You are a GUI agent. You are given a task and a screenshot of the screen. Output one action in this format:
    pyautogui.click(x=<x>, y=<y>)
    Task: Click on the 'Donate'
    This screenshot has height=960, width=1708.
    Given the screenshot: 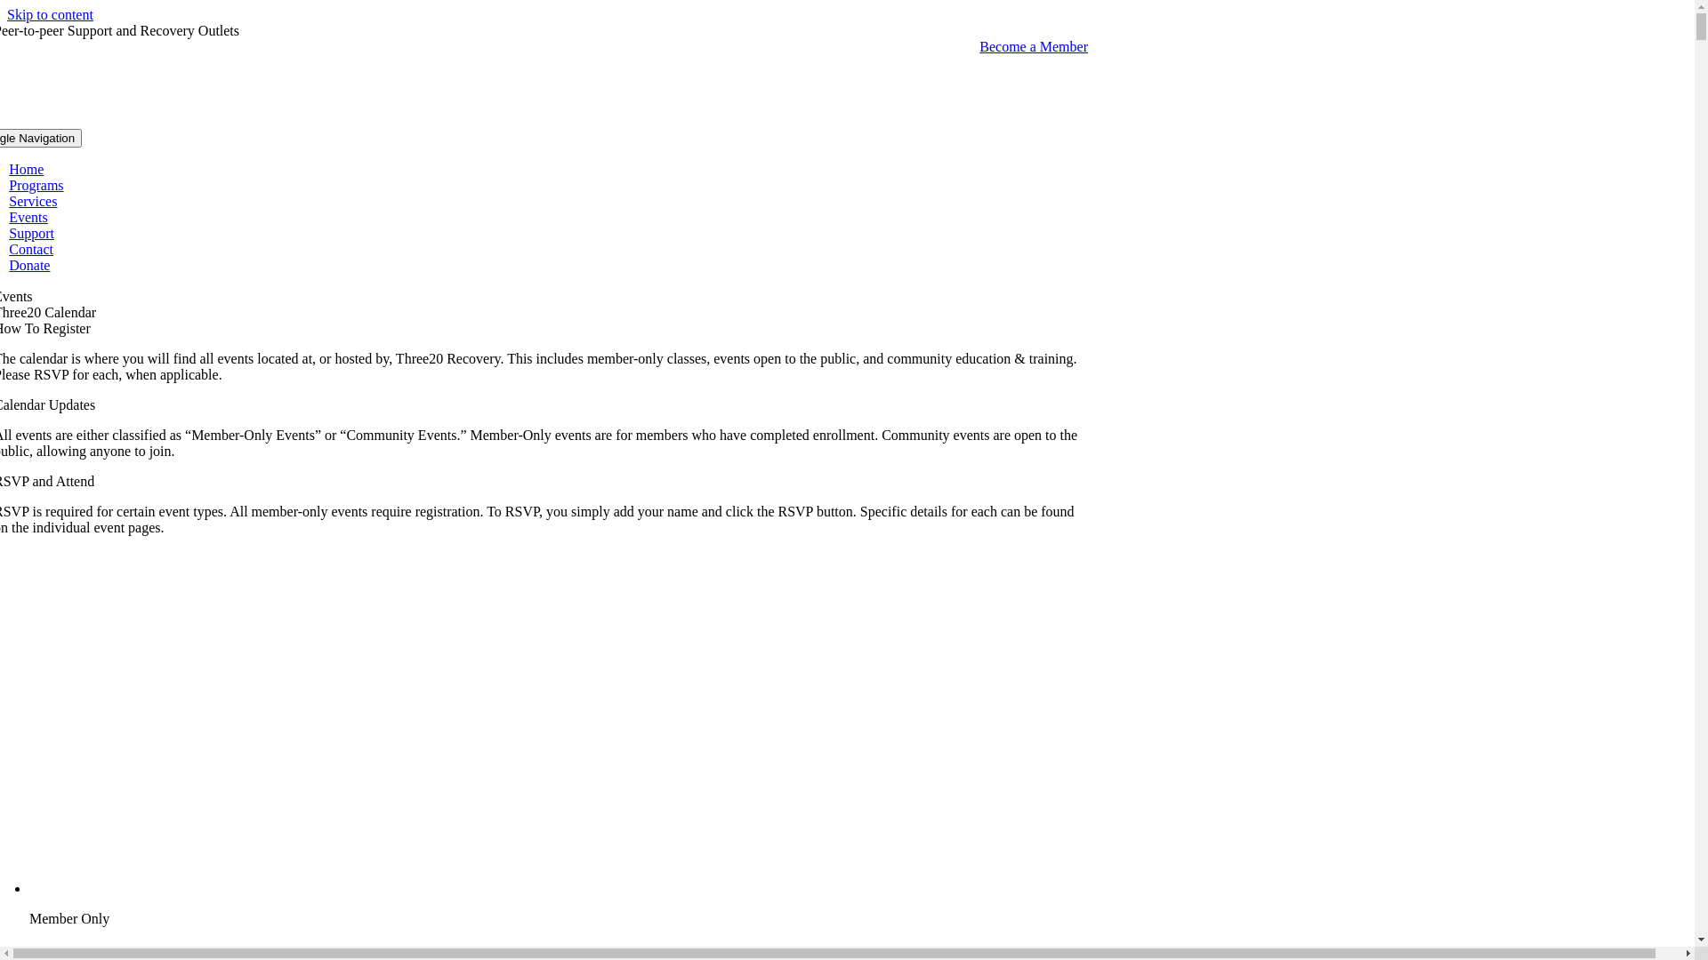 What is the action you would take?
    pyautogui.click(x=29, y=265)
    